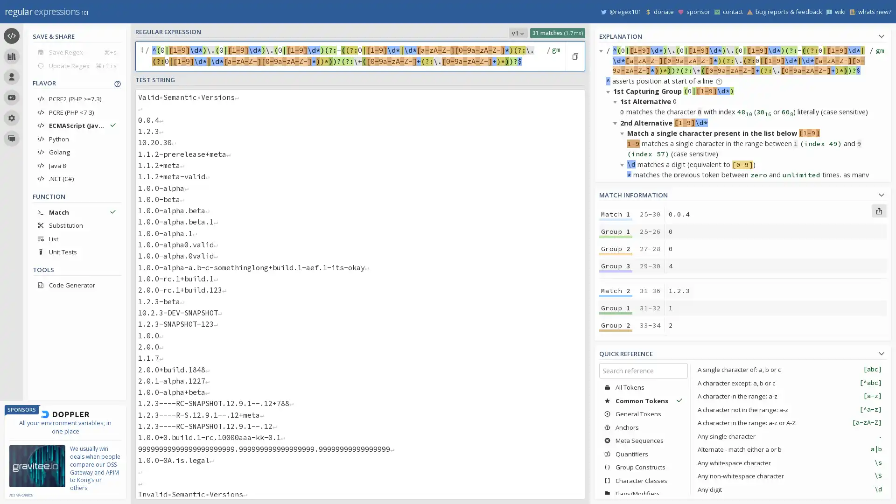  Describe the element at coordinates (643, 387) in the screenshot. I see `All Tokens` at that location.